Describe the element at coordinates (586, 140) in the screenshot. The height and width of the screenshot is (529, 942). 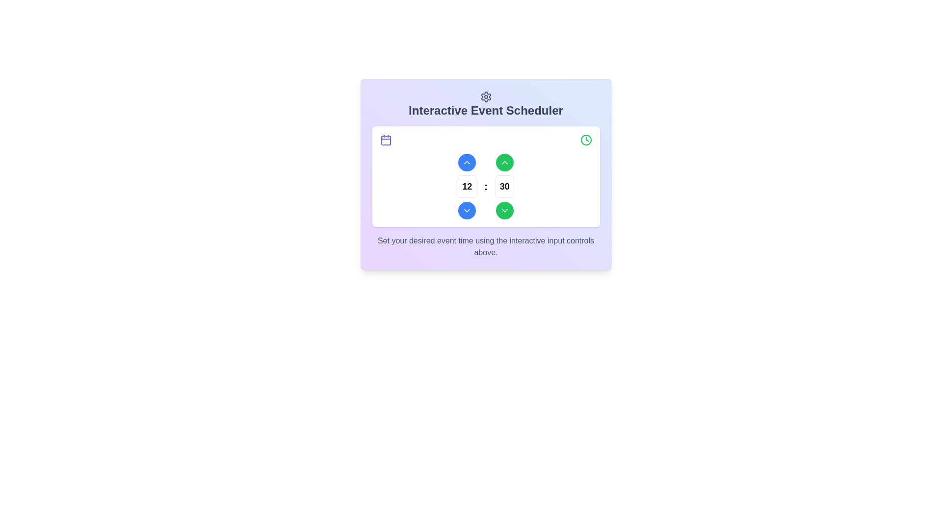
I see `the time settings icon located at the far right of the horizontal row of icons at the top of the interface` at that location.